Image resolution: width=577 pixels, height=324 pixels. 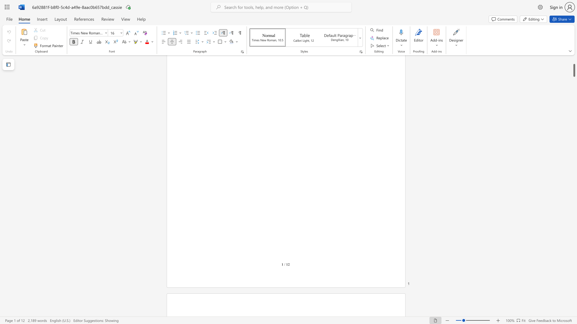 What do you see at coordinates (574, 70) in the screenshot?
I see `the scrollbar and move down 7010 pixels` at bounding box center [574, 70].